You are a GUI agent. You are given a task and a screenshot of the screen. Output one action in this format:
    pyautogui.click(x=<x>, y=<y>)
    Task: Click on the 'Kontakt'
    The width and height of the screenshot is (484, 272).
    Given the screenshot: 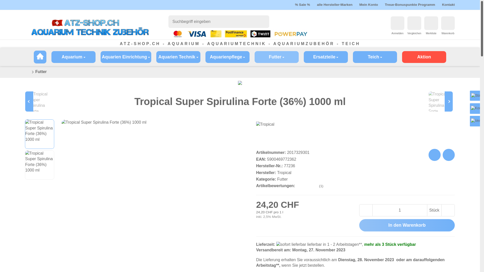 What is the action you would take?
    pyautogui.click(x=448, y=5)
    